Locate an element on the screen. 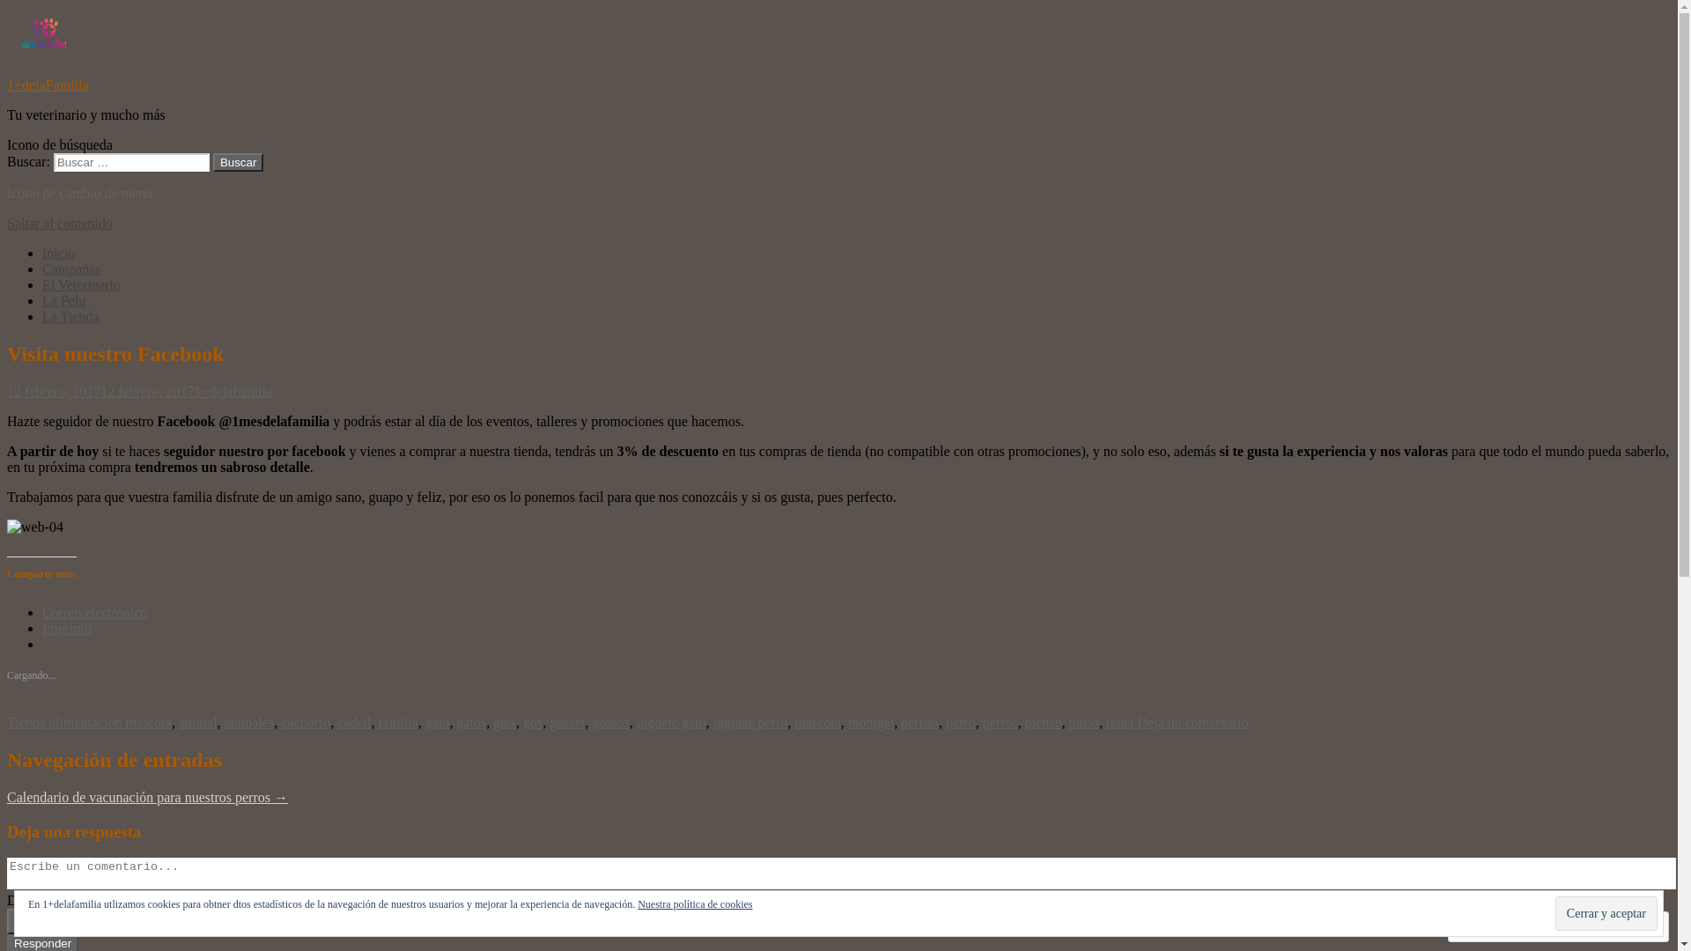 This screenshot has height=951, width=1691. '12 febrero, 201712 febrero, 2017' is located at coordinates (100, 390).